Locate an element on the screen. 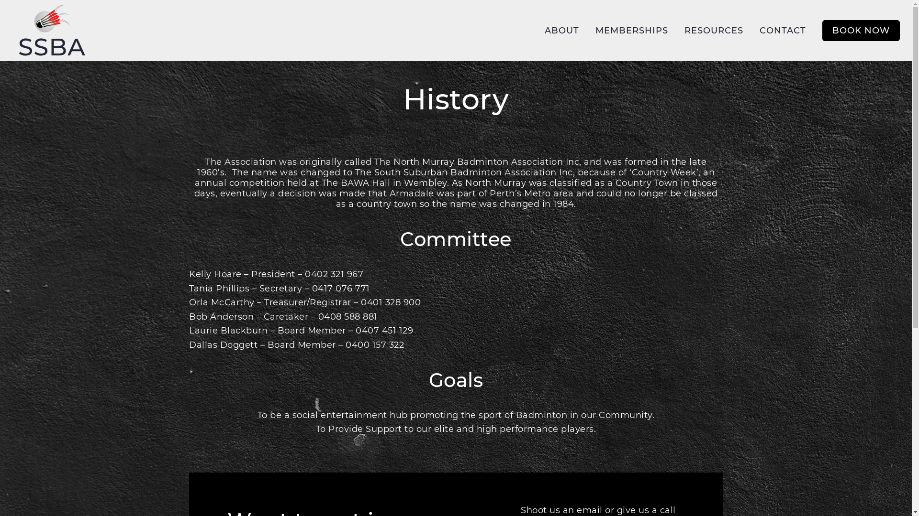 The height and width of the screenshot is (516, 919). 'BOOK NOW' is located at coordinates (822, 30).